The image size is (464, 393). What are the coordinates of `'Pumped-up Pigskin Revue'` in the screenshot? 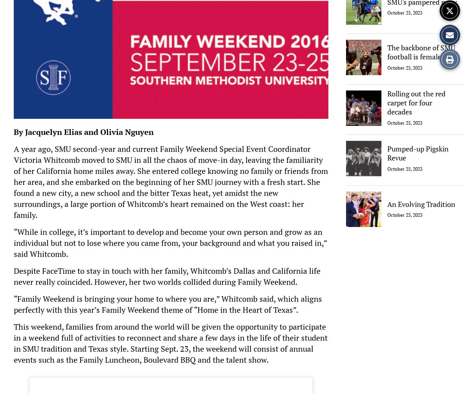 It's located at (418, 153).